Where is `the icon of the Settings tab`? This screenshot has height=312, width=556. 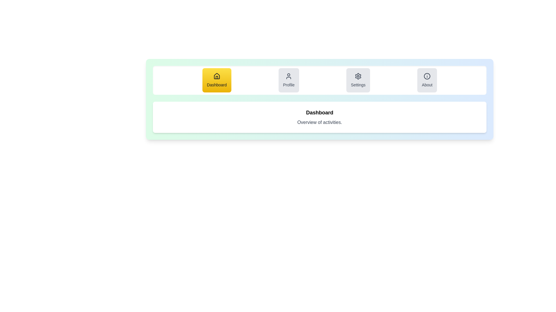 the icon of the Settings tab is located at coordinates (358, 76).